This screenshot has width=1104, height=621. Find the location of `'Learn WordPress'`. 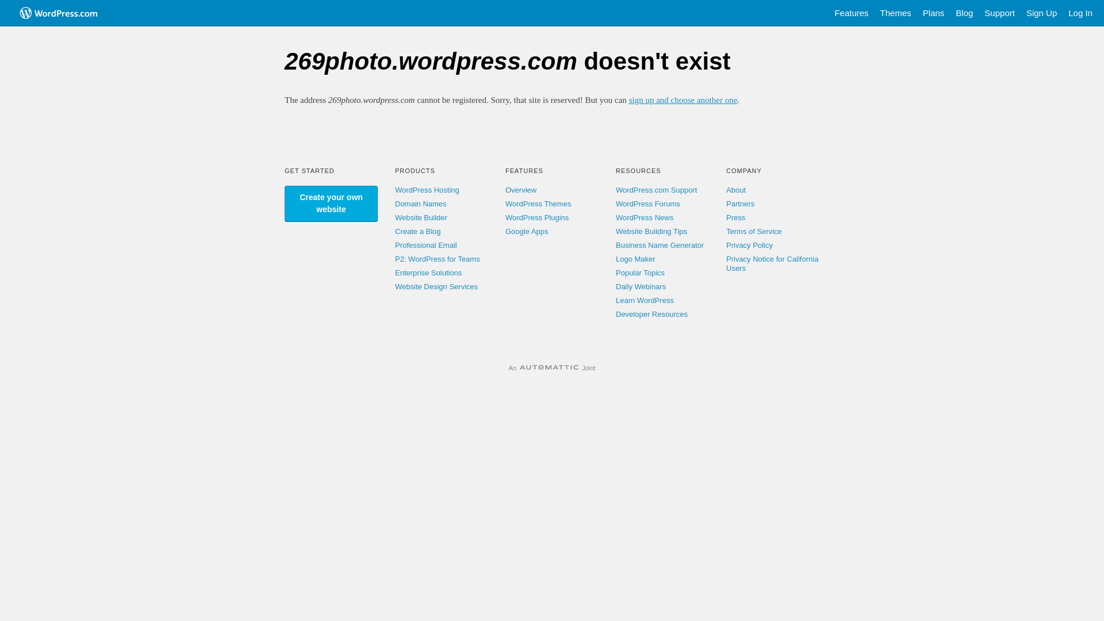

'Learn WordPress' is located at coordinates (645, 300).